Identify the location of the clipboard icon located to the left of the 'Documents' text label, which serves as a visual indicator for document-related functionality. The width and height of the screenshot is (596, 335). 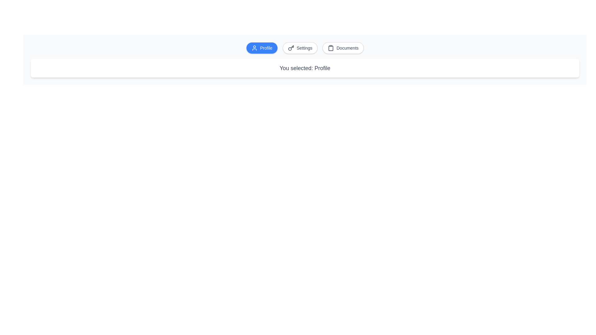
(331, 47).